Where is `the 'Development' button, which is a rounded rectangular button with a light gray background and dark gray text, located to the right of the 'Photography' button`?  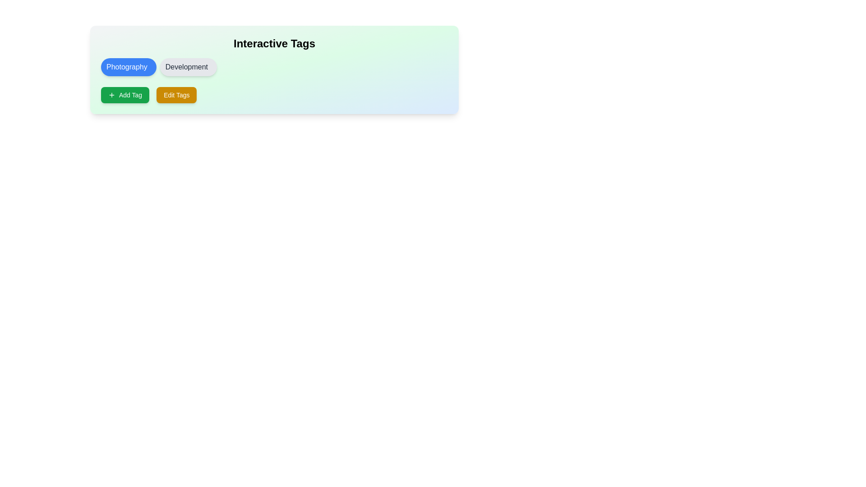 the 'Development' button, which is a rounded rectangular button with a light gray background and dark gray text, located to the right of the 'Photography' button is located at coordinates (188, 67).